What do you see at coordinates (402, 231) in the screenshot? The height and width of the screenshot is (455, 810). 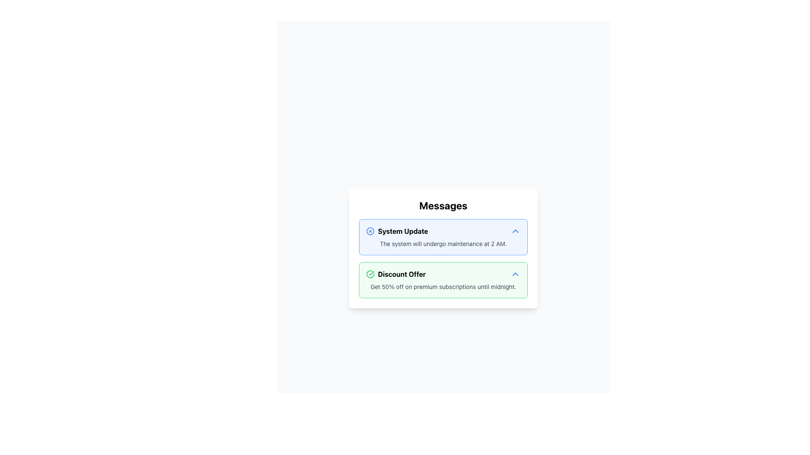 I see `the bold text label 'System Update'` at bounding box center [402, 231].